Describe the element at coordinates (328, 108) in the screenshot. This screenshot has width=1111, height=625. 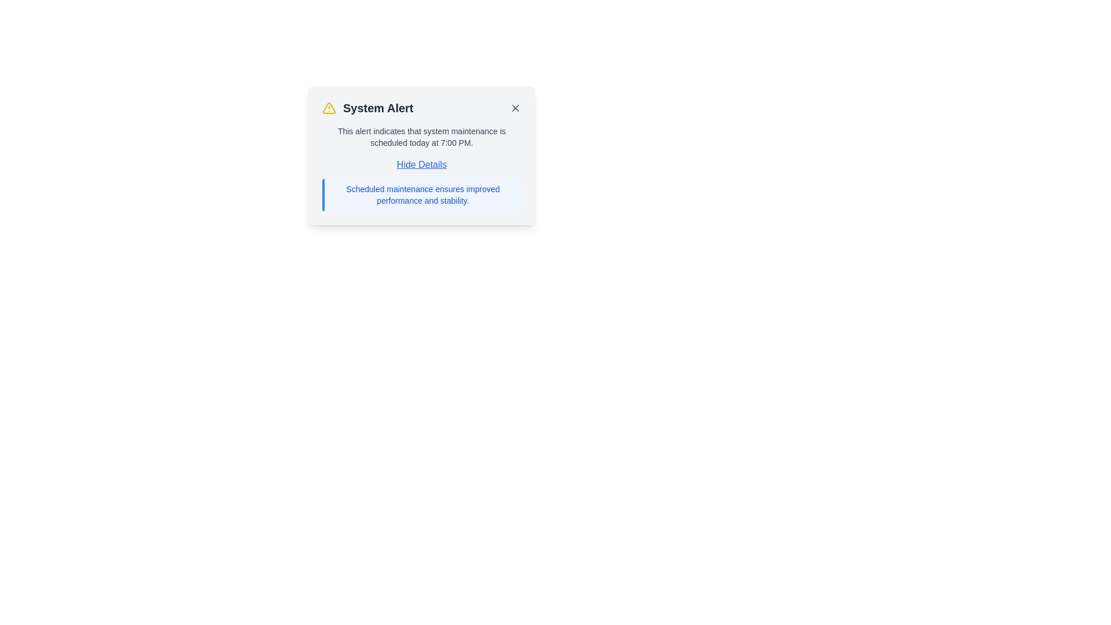
I see `the stylized triangular alert icon with a yellow outline located at the top left of the 'System Alert' notification box` at that location.